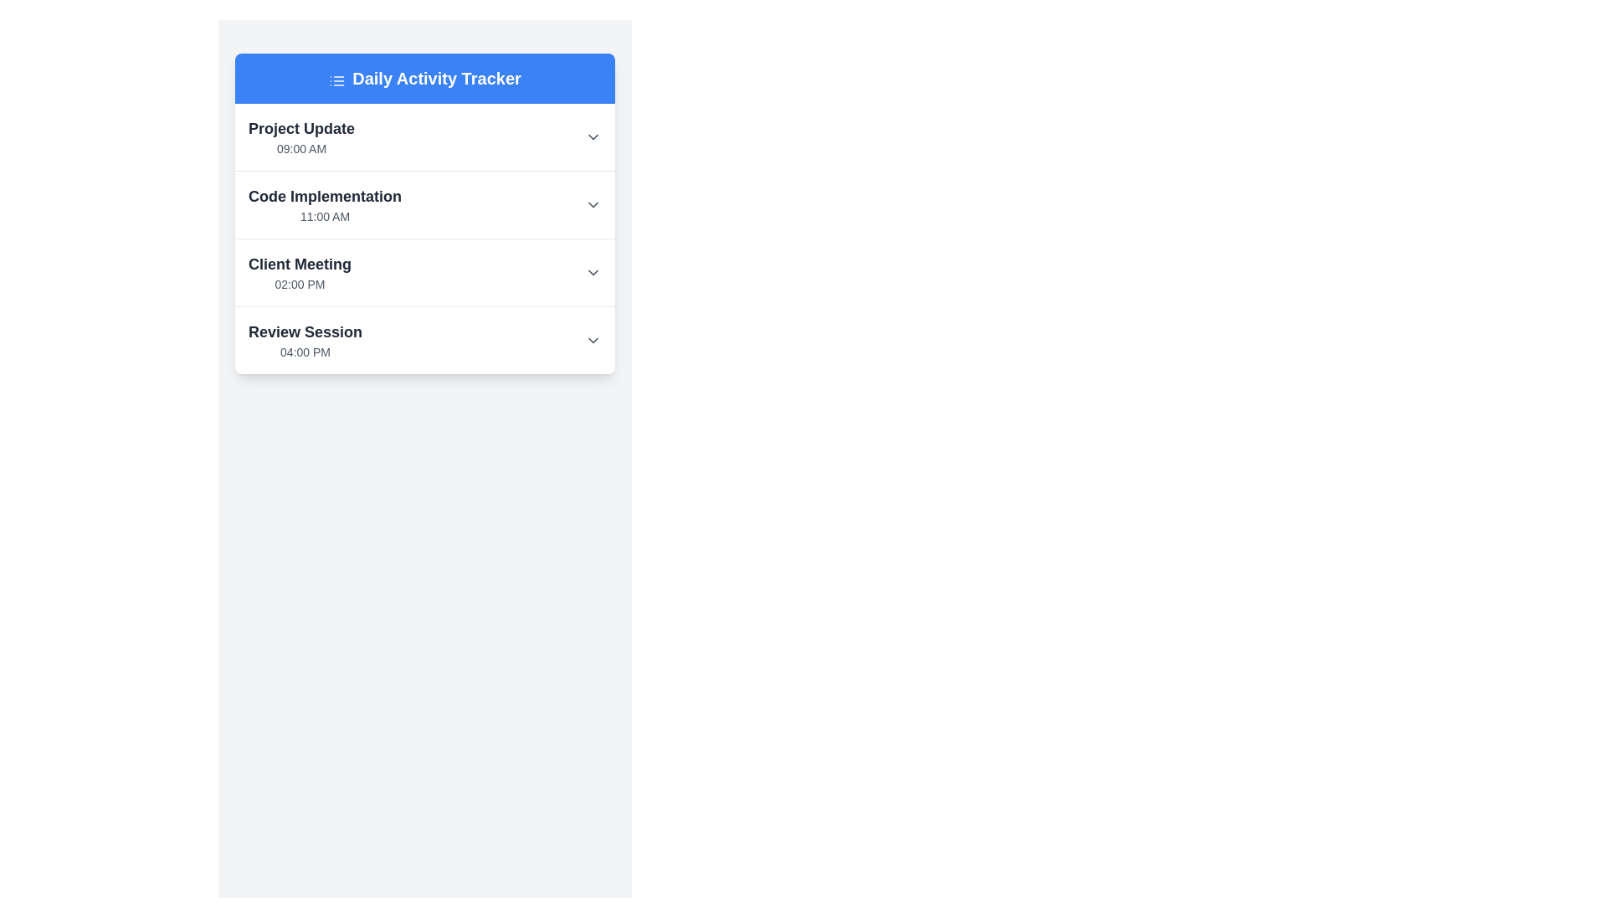 The height and width of the screenshot is (904, 1607). I want to click on the third item, so click(425, 272).